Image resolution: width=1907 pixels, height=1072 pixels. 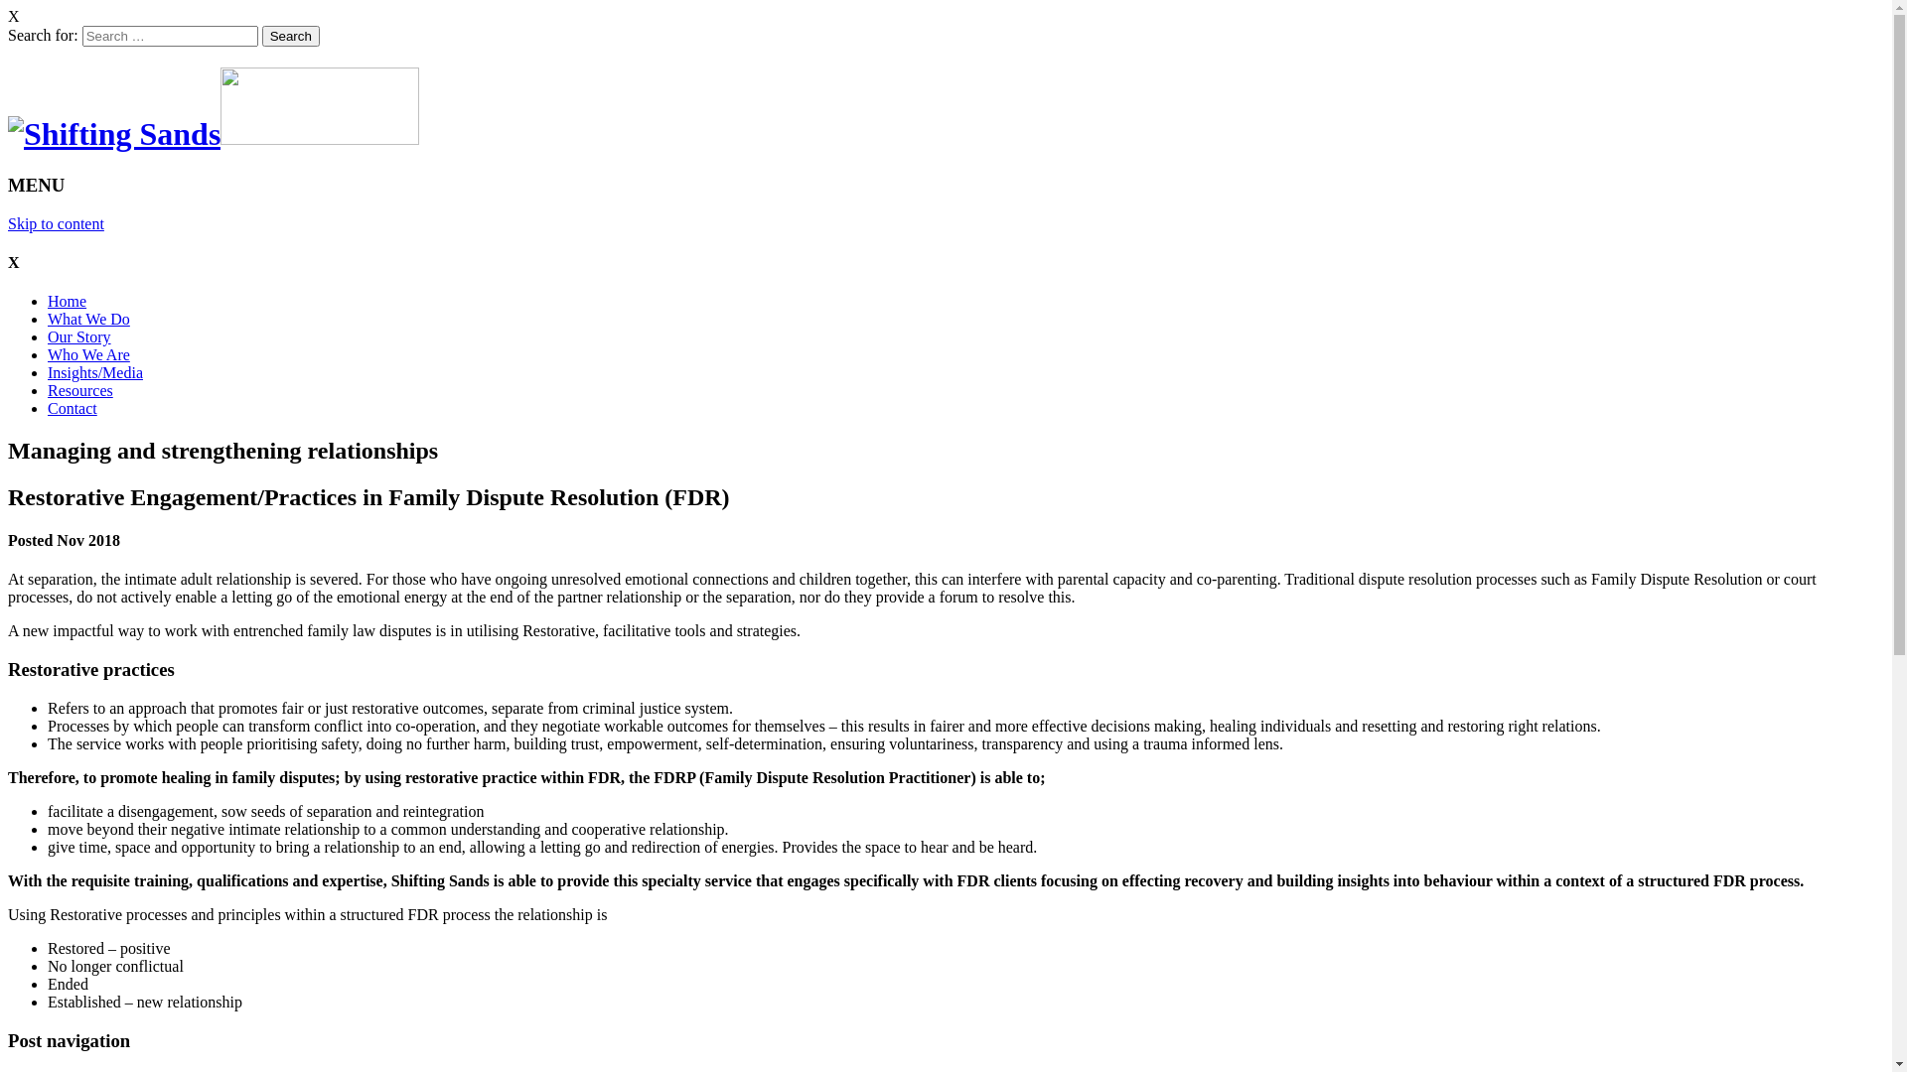 What do you see at coordinates (289, 36) in the screenshot?
I see `'Search'` at bounding box center [289, 36].